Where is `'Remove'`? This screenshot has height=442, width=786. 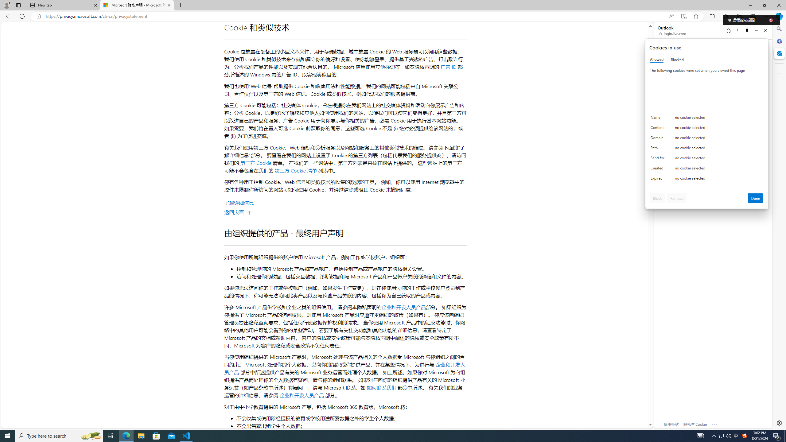 'Remove' is located at coordinates (677, 198).